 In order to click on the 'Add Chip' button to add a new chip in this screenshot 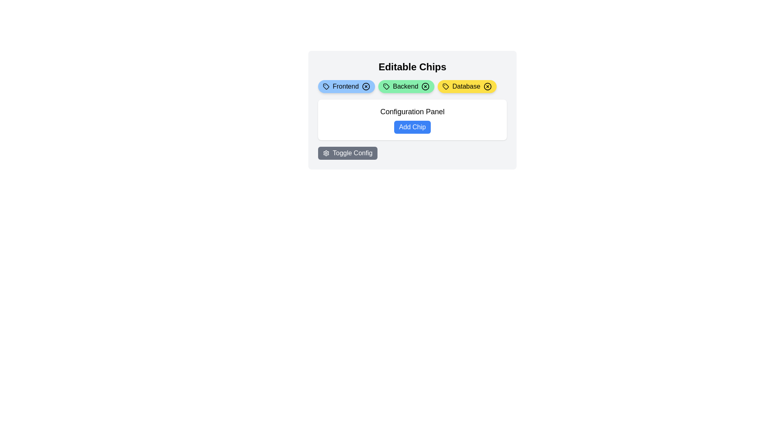, I will do `click(412, 127)`.